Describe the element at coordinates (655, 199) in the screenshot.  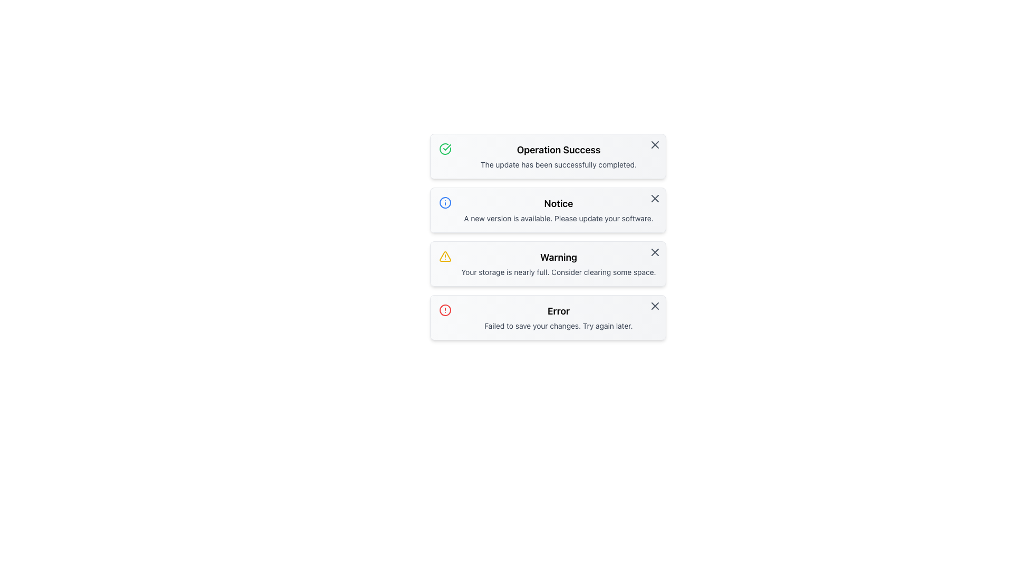
I see `the 'X' icon located at the top-right corner of the notice dialog` at that location.